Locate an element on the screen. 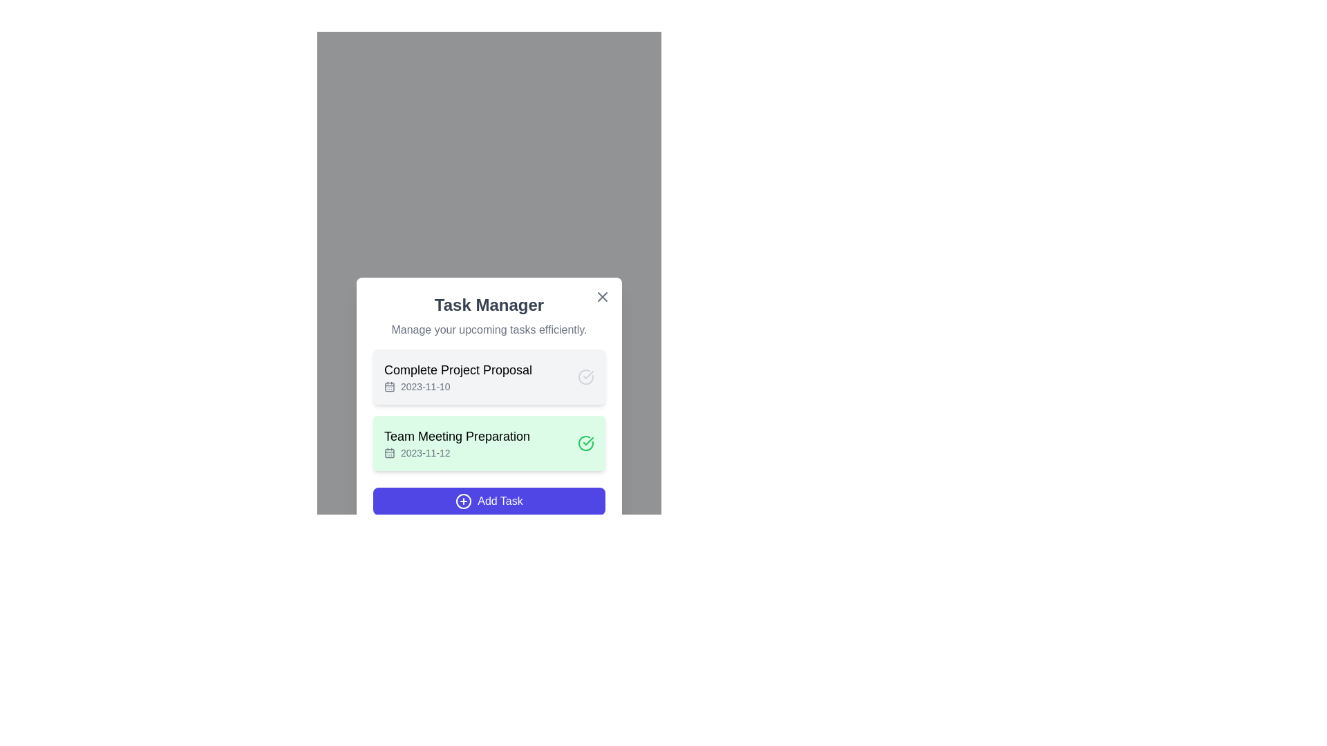  the calendar icon located to the left of the date '2023-11-10' in the task card labeled 'Complete Project Proposal' under the 'Task Manager' section is located at coordinates (389, 386).